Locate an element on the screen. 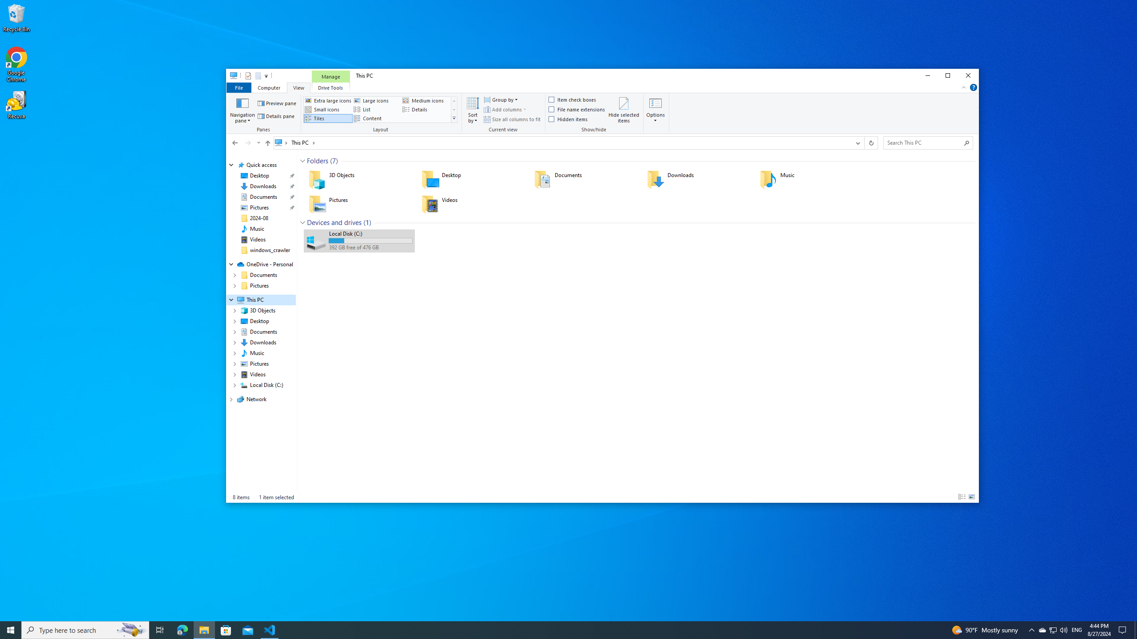 The width and height of the screenshot is (1137, 639). 'Space used' is located at coordinates (370, 240).